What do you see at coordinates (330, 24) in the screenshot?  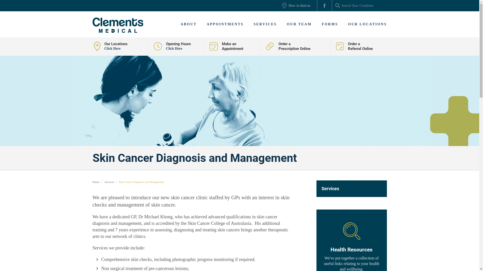 I see `'FORMS'` at bounding box center [330, 24].